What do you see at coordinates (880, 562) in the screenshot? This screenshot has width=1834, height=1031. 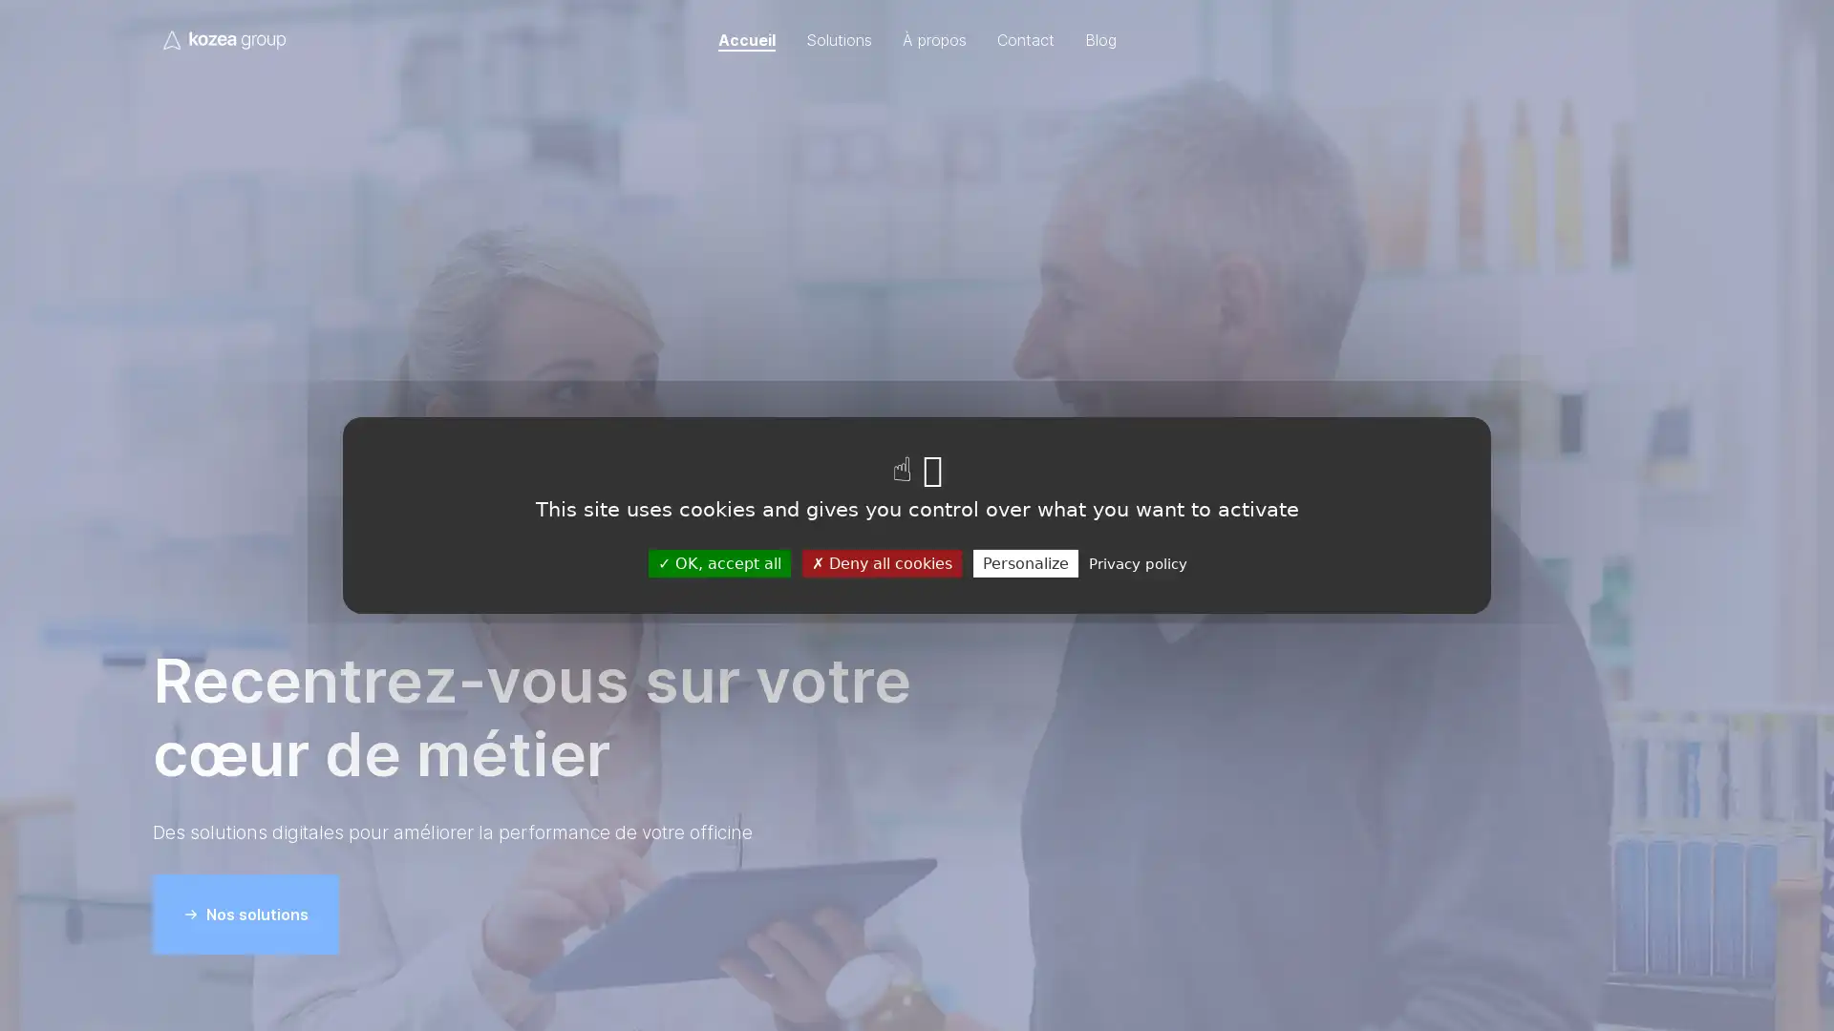 I see `Deny all cookies` at bounding box center [880, 562].